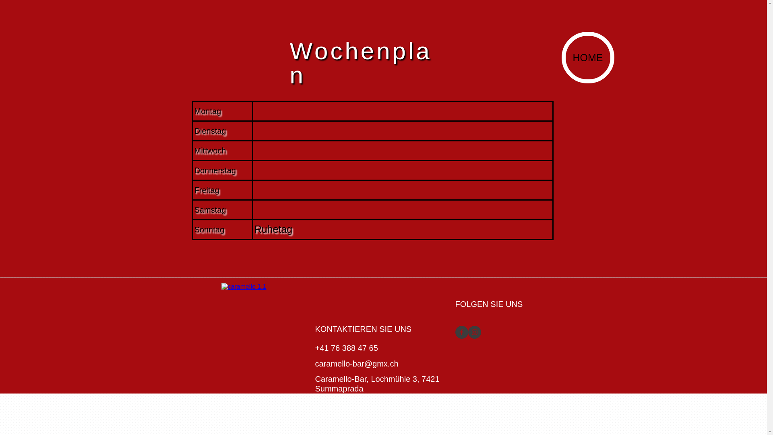 The width and height of the screenshot is (773, 435). Describe the element at coordinates (209, 230) in the screenshot. I see `'Sonntag'` at that location.